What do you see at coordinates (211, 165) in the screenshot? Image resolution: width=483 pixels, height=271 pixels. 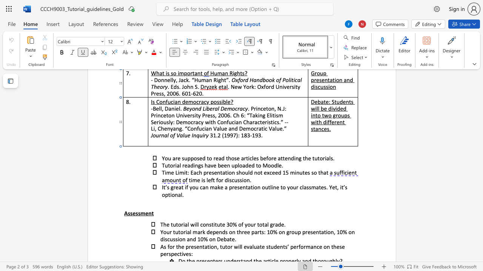 I see `the 1th character "v" in the text` at bounding box center [211, 165].